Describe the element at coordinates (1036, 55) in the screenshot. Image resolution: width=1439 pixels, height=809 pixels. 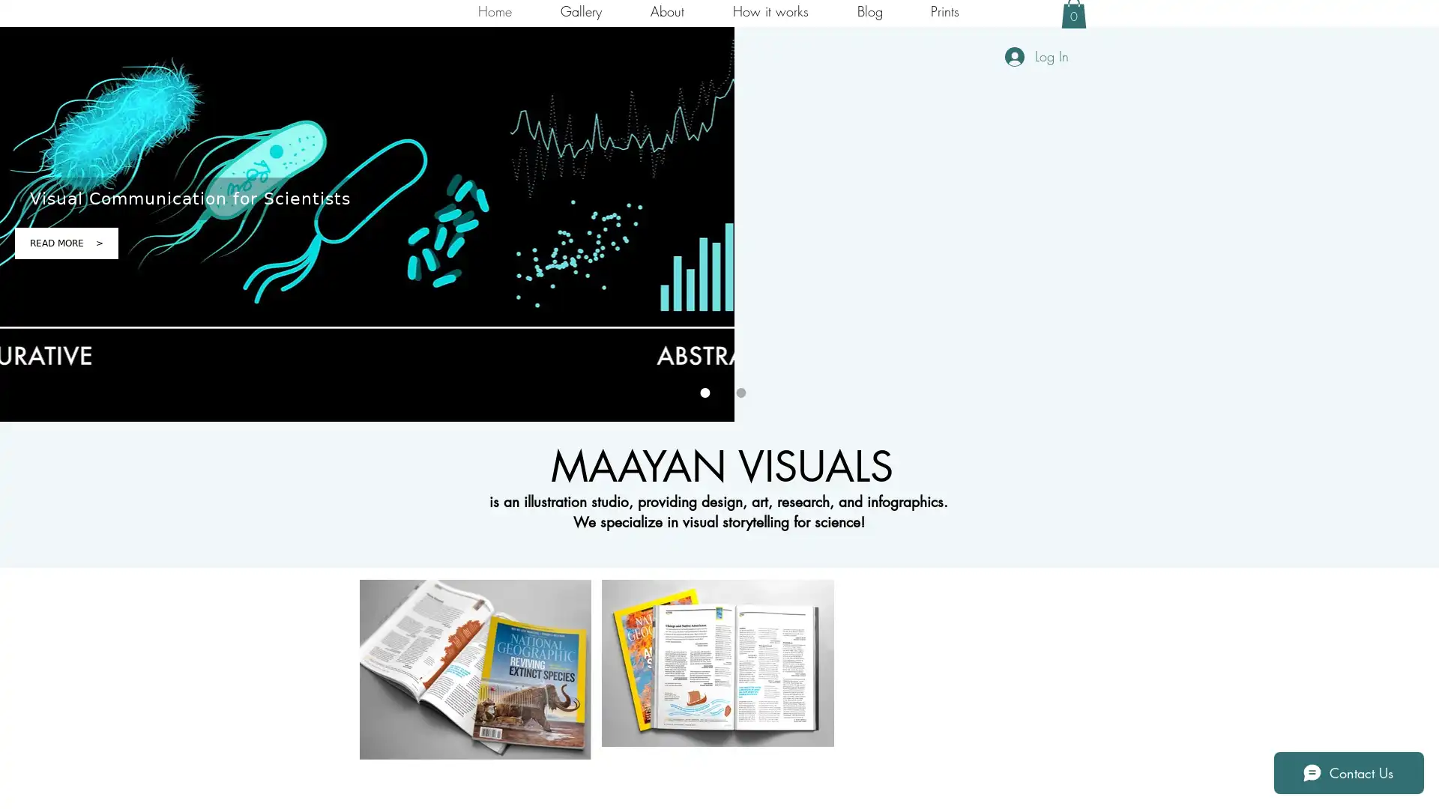
I see `Log In` at that location.